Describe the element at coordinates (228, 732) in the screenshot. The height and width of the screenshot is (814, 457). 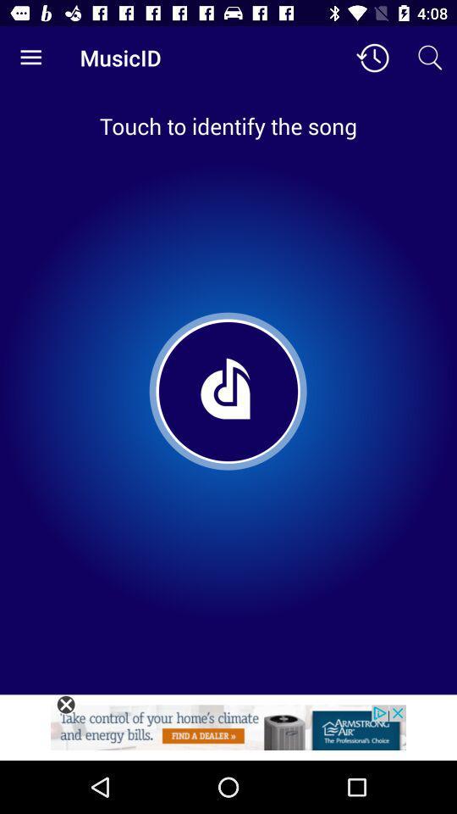
I see `advertisement page` at that location.